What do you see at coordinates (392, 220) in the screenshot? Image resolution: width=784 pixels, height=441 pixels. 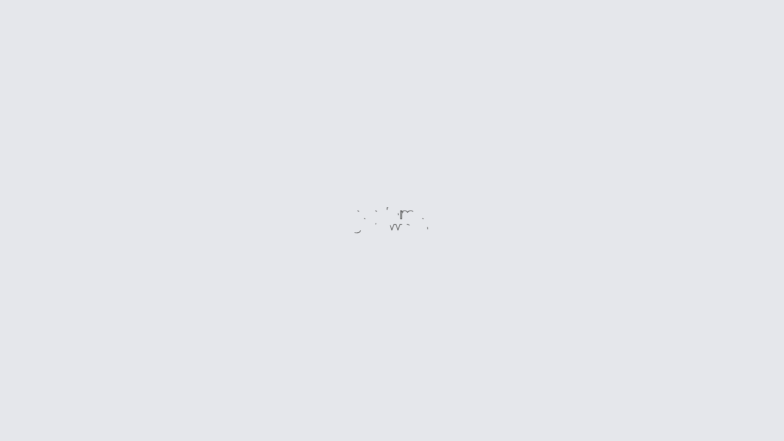 I see `'alt-logo'` at bounding box center [392, 220].